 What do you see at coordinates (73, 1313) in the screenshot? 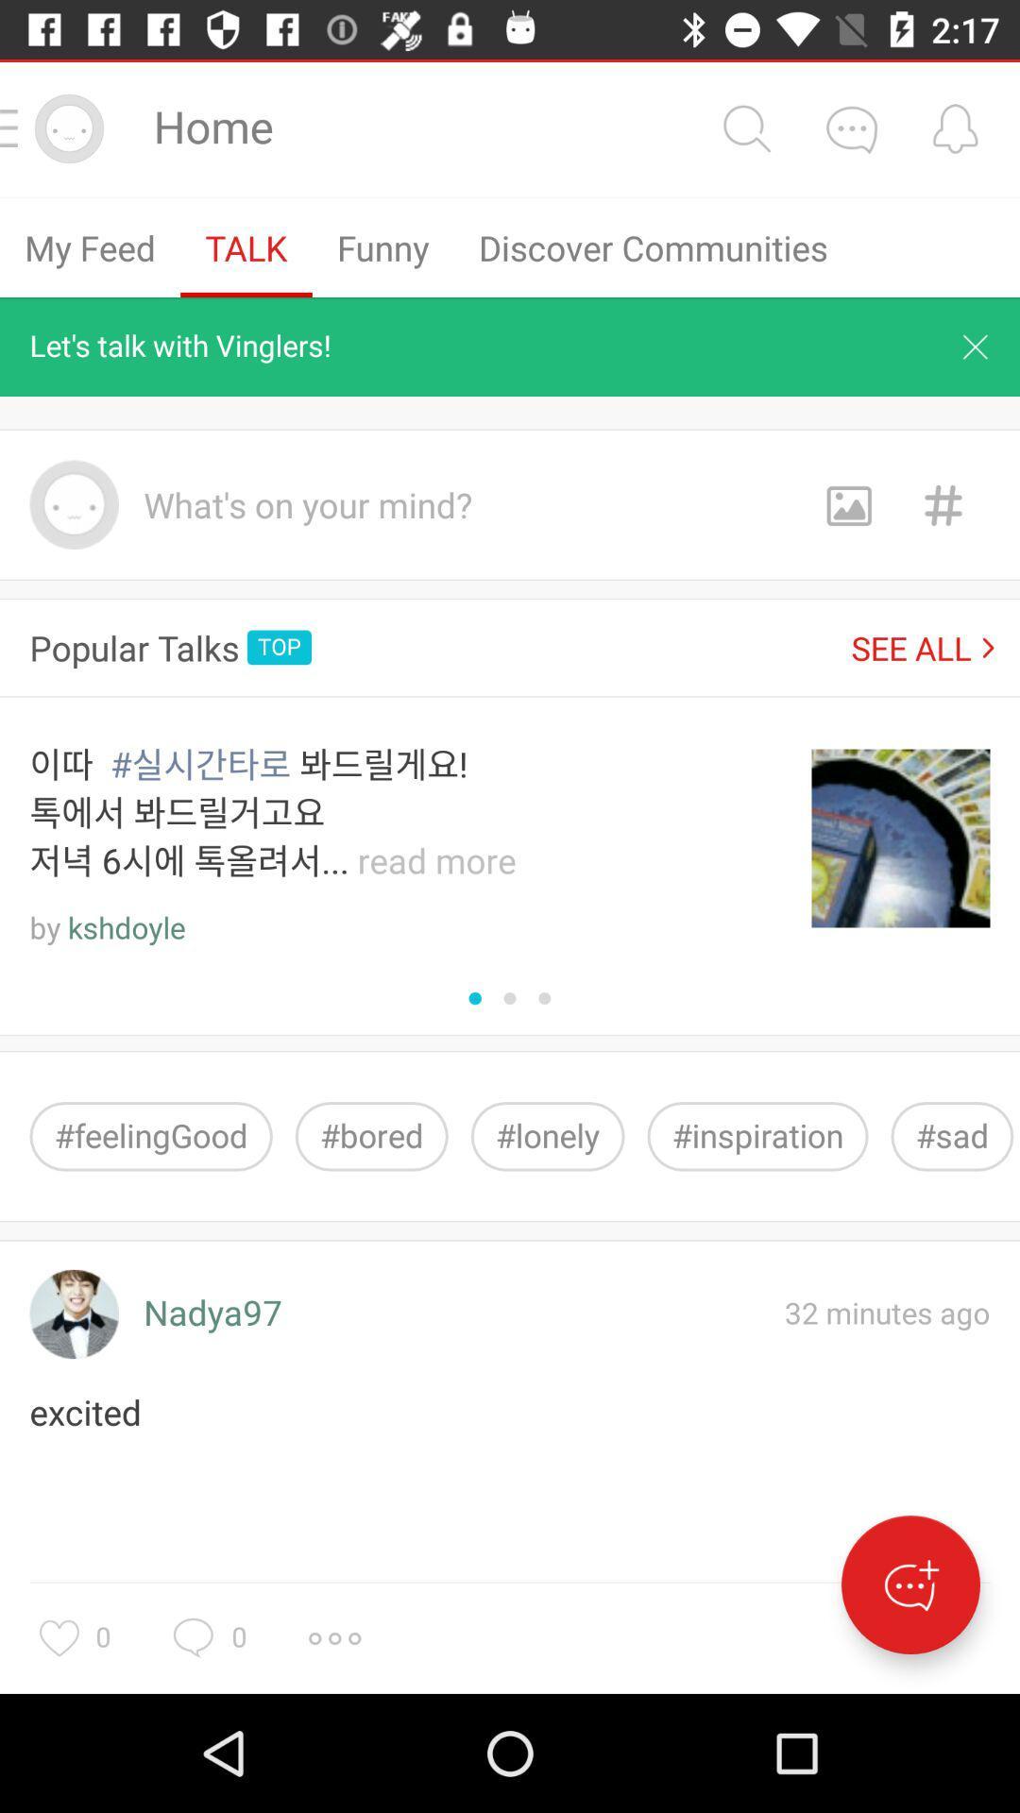
I see `the icon above the excited item` at bounding box center [73, 1313].